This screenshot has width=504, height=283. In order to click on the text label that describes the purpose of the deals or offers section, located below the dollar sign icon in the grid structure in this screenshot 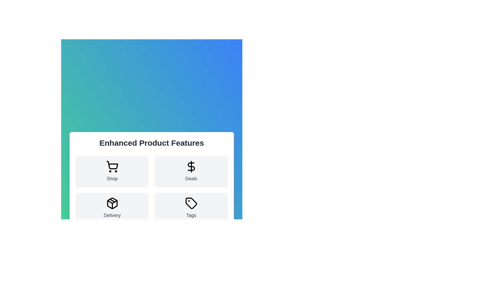, I will do `click(191, 178)`.